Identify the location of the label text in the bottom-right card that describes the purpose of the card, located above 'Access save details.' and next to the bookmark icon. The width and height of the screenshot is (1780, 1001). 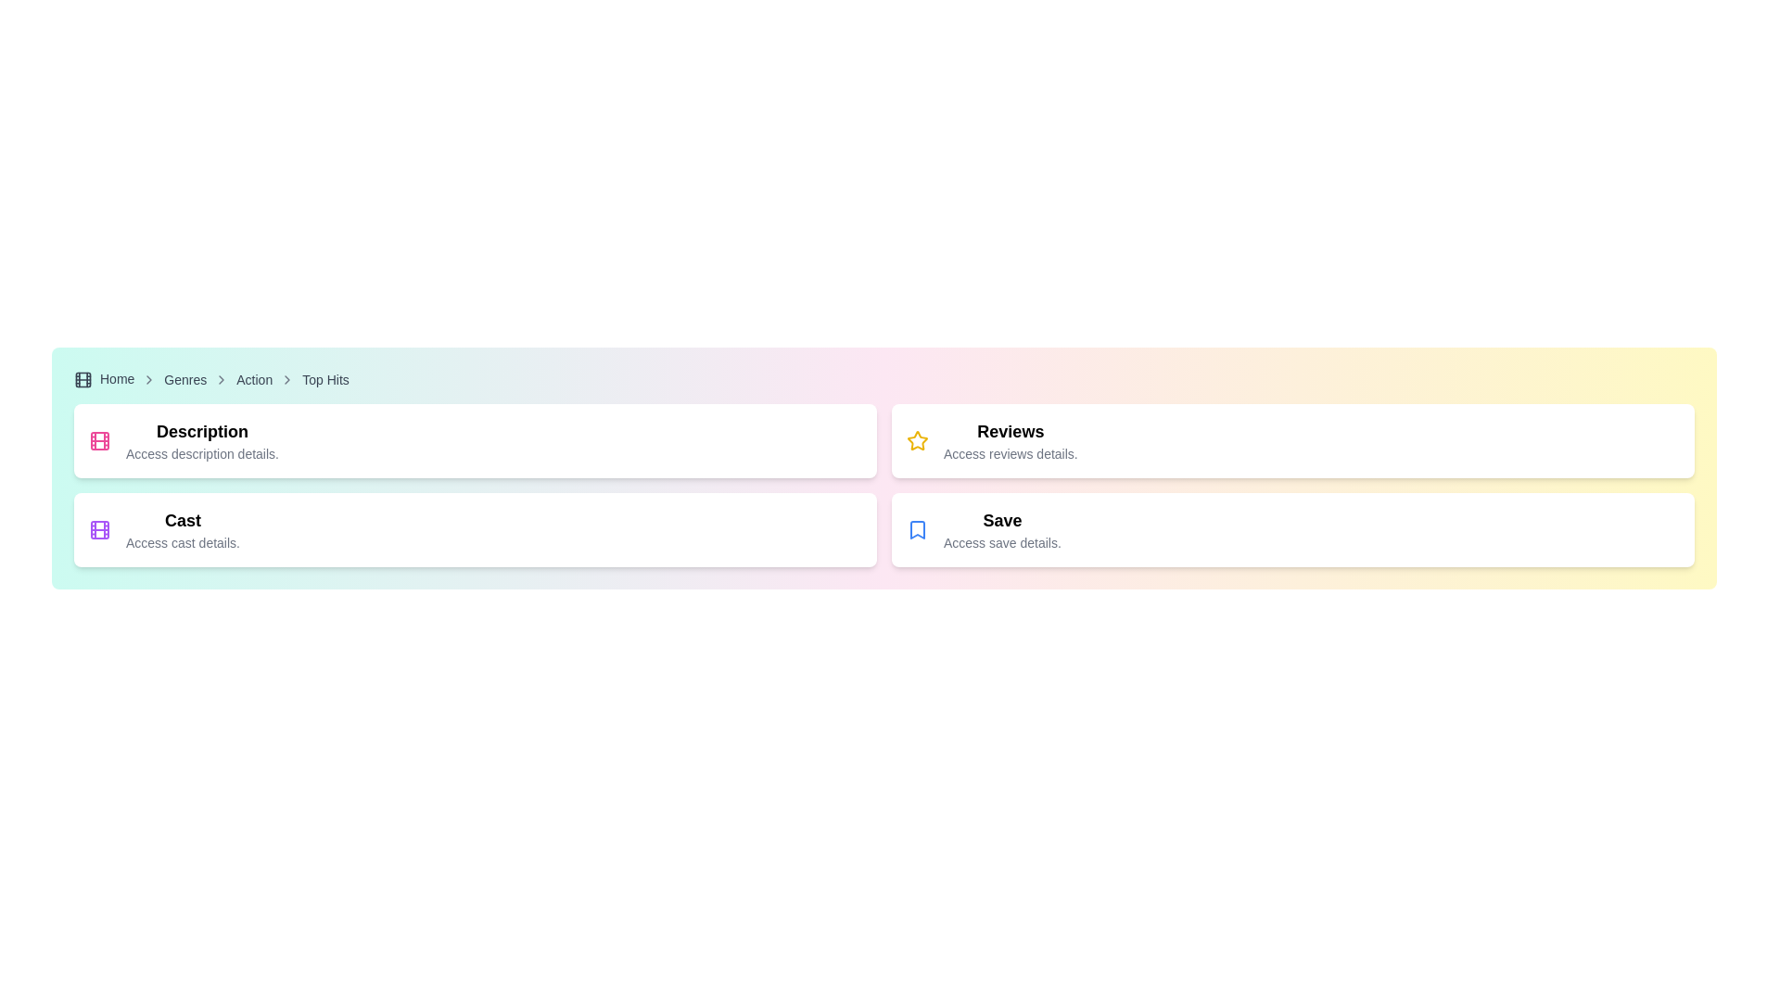
(1001, 521).